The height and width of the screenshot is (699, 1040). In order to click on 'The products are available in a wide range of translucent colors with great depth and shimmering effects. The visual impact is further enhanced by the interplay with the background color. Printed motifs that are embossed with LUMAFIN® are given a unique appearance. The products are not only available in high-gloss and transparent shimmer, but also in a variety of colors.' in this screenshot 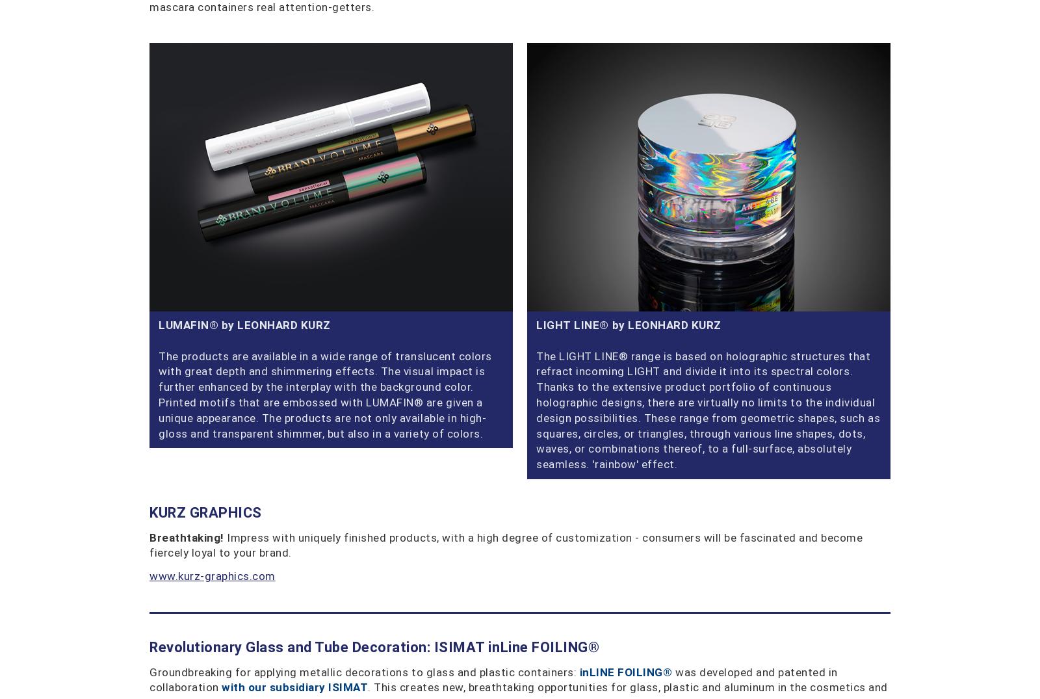, I will do `click(324, 393)`.